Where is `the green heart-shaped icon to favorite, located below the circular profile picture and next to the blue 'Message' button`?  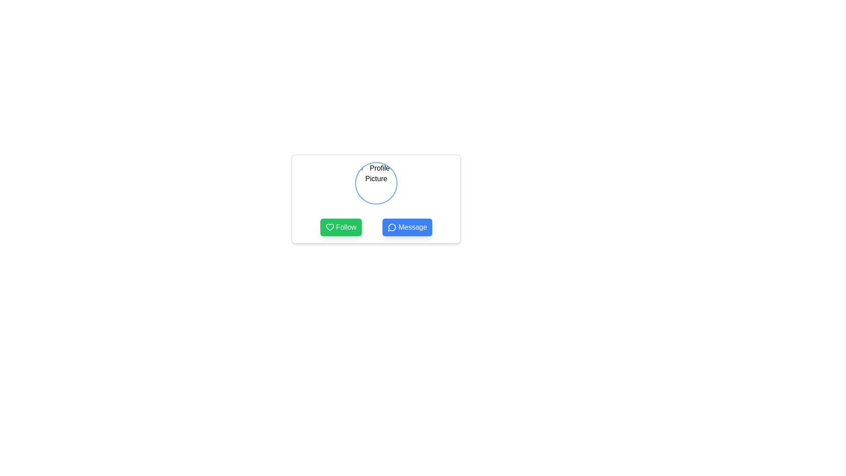
the green heart-shaped icon to favorite, located below the circular profile picture and next to the blue 'Message' button is located at coordinates (329, 227).